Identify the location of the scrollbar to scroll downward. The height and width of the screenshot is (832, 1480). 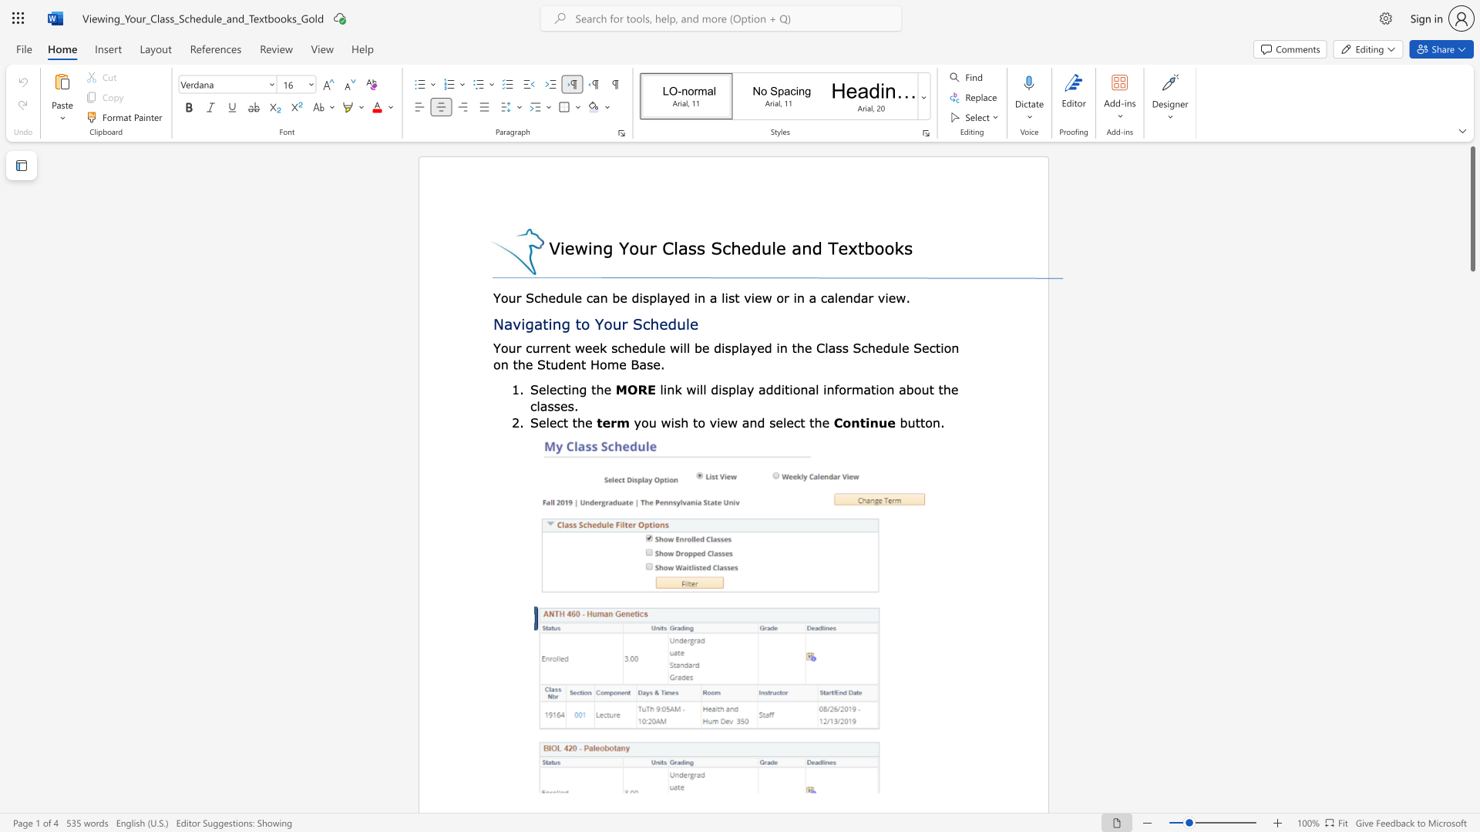
(1472, 337).